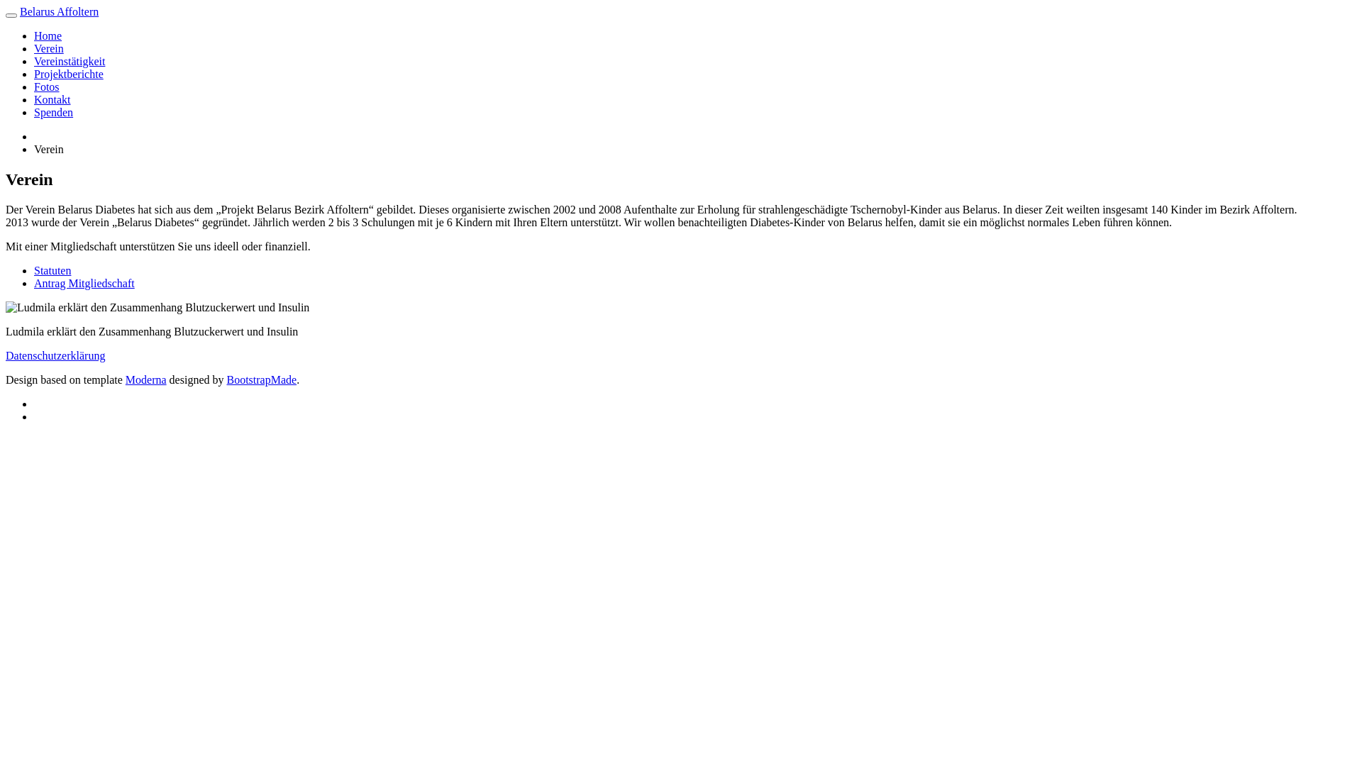  I want to click on 'Belarus Affoltern', so click(58, 11).